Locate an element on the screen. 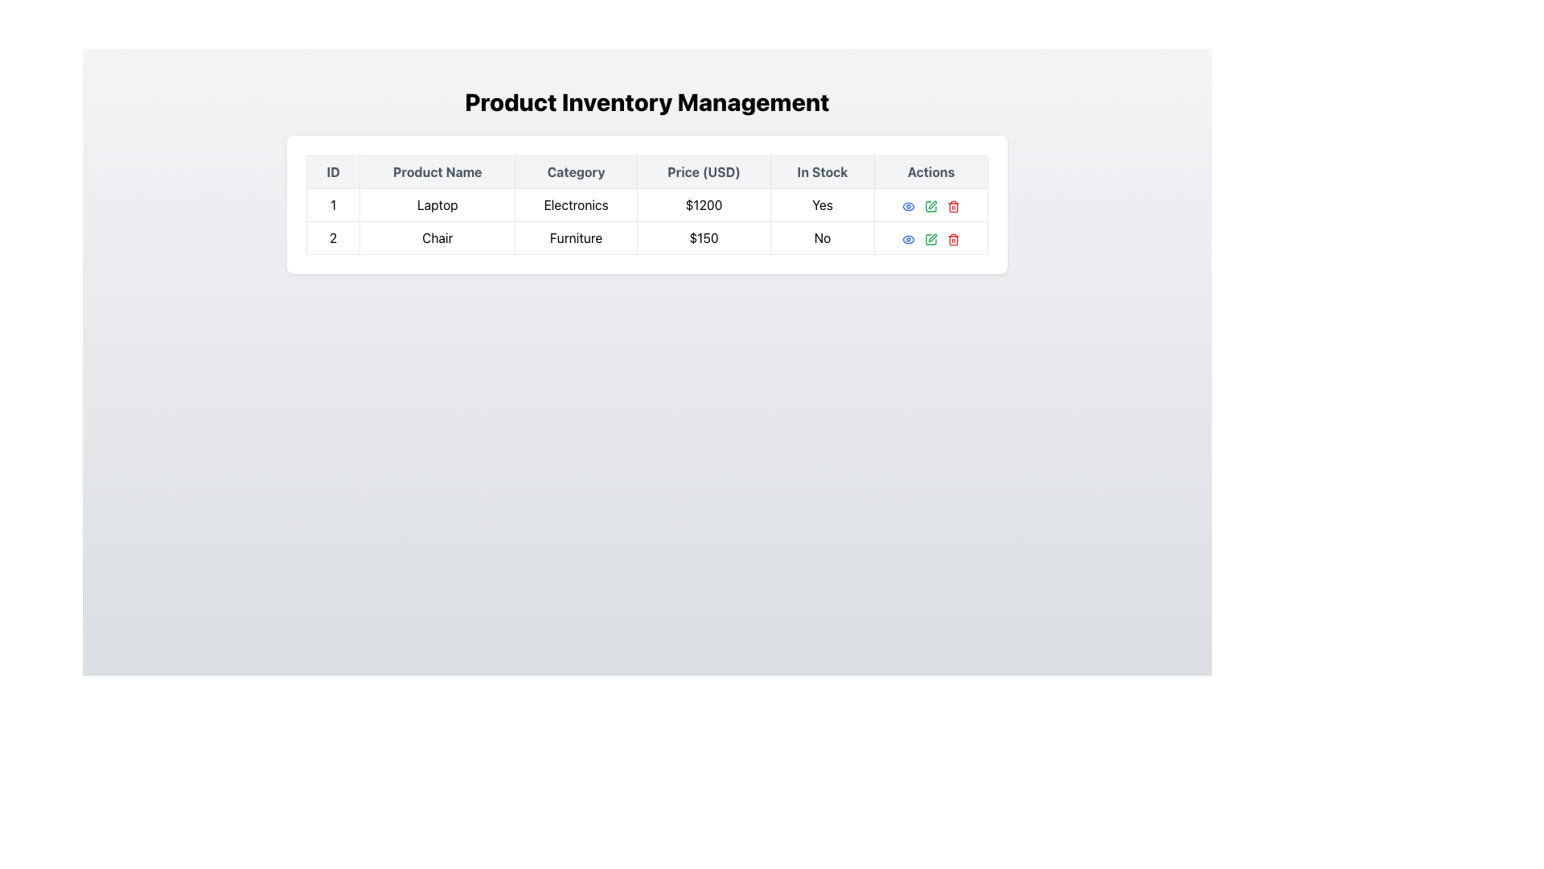  the edit action icon in the second row of the 'Actions' column in the table is located at coordinates (930, 204).